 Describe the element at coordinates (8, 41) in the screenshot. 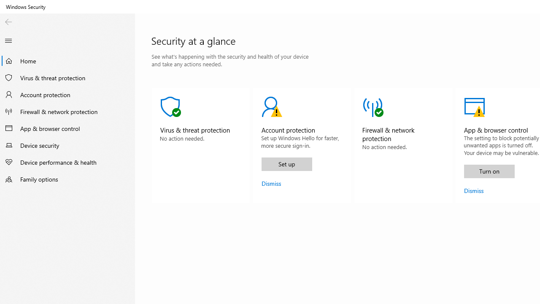

I see `'Close Navigation'` at that location.